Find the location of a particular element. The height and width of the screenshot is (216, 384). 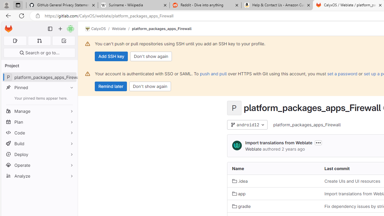

'Toggle commit description' is located at coordinates (318, 142).